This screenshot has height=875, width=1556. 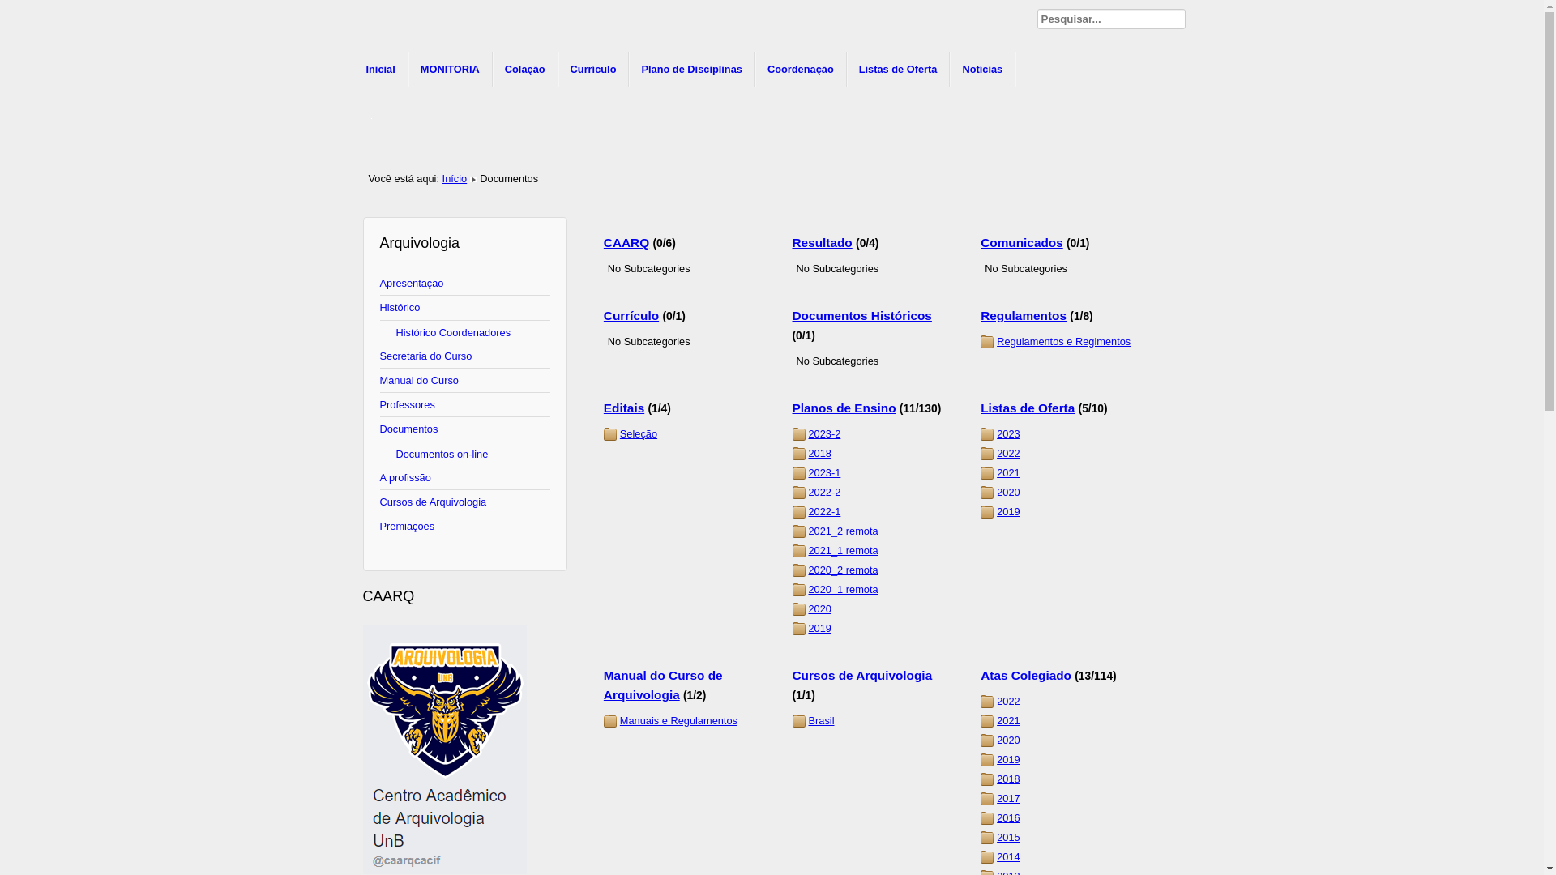 What do you see at coordinates (824, 472) in the screenshot?
I see `'2023-1'` at bounding box center [824, 472].